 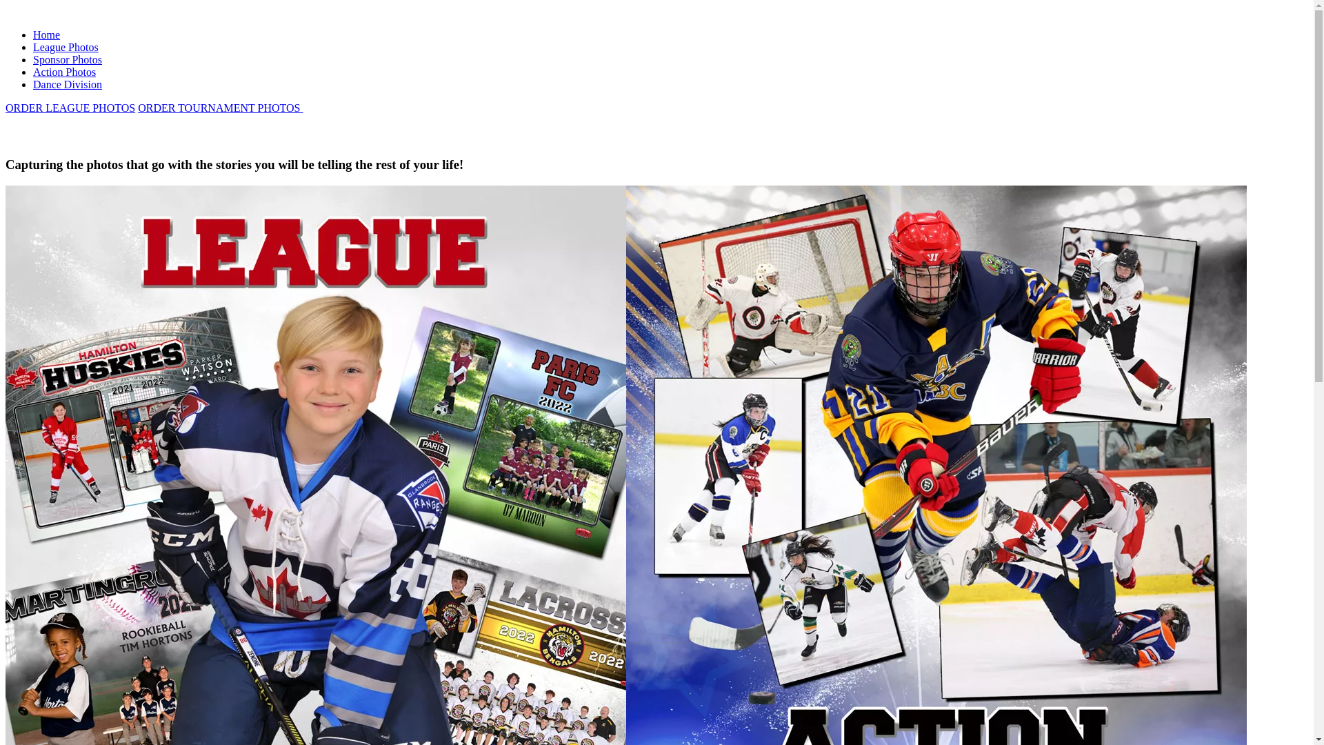 What do you see at coordinates (66, 84) in the screenshot?
I see `'Dance Division'` at bounding box center [66, 84].